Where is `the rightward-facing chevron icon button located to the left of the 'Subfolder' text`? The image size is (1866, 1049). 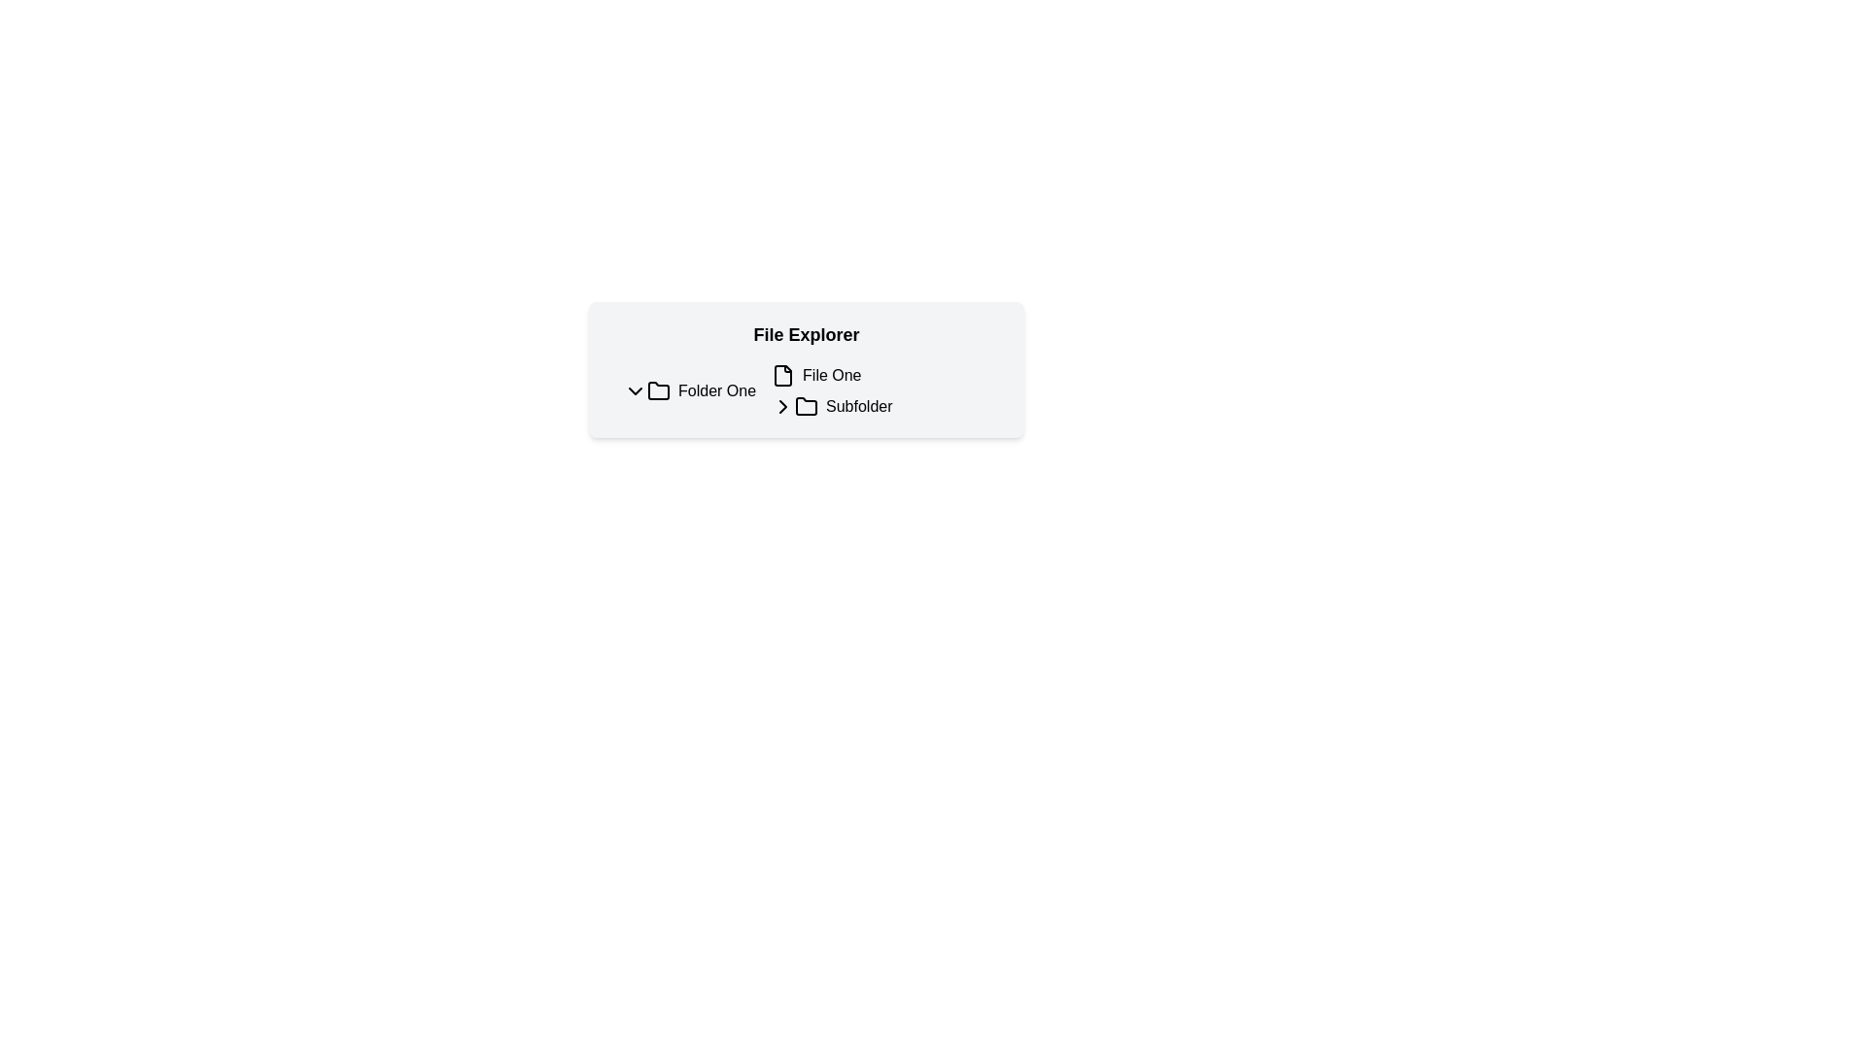 the rightward-facing chevron icon button located to the left of the 'Subfolder' text is located at coordinates (783, 406).